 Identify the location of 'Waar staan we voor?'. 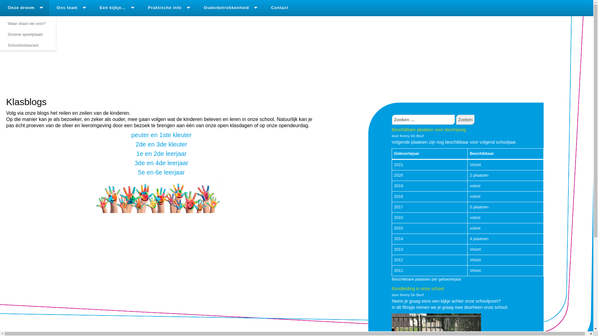
(0, 23).